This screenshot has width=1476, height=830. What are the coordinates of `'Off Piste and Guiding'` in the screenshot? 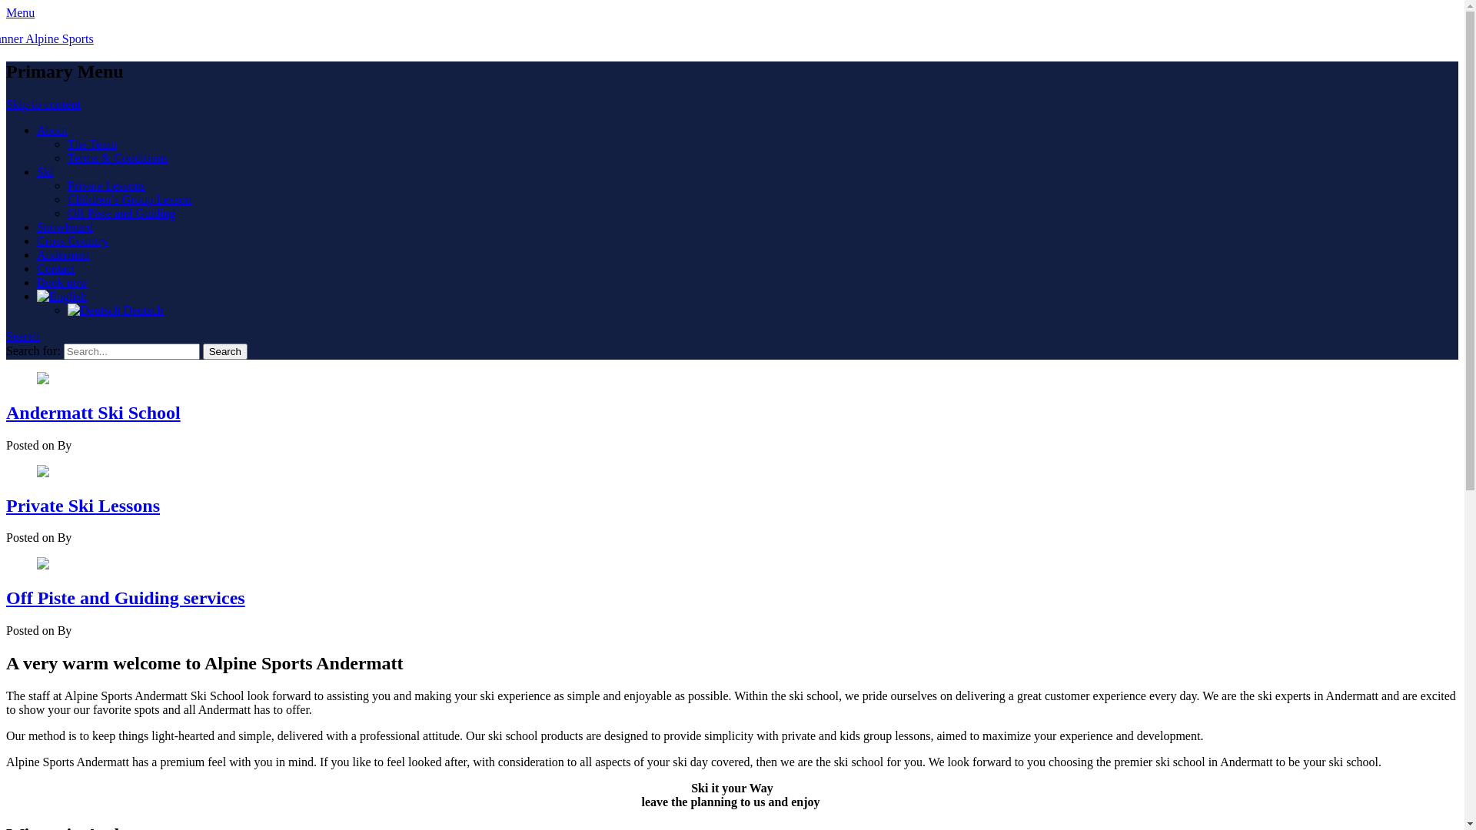 It's located at (66, 213).